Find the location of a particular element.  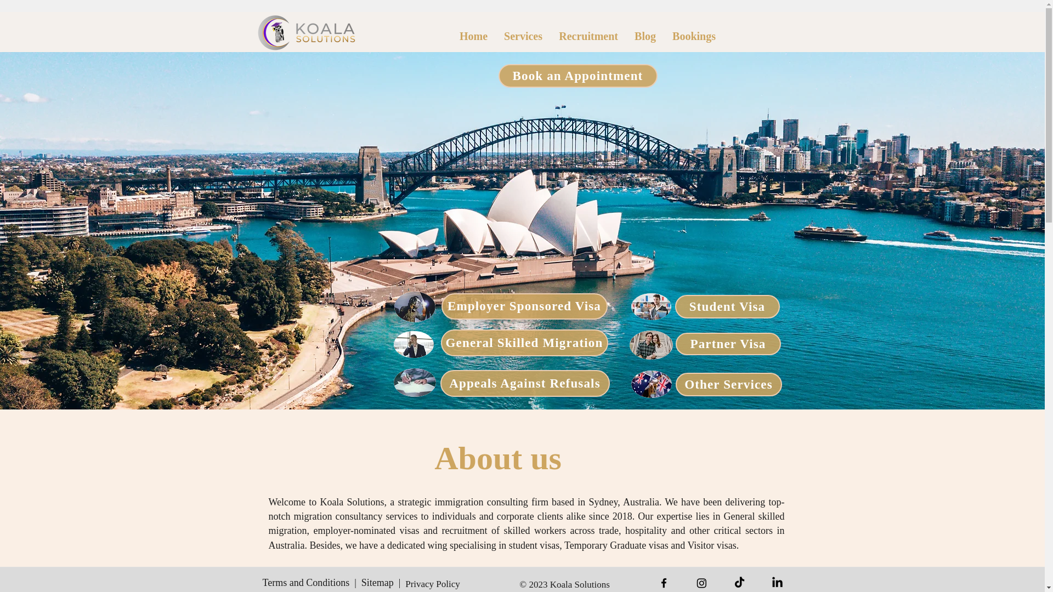

'Copy of Koala Solutions SPA Proposal_edi' is located at coordinates (307, 32).